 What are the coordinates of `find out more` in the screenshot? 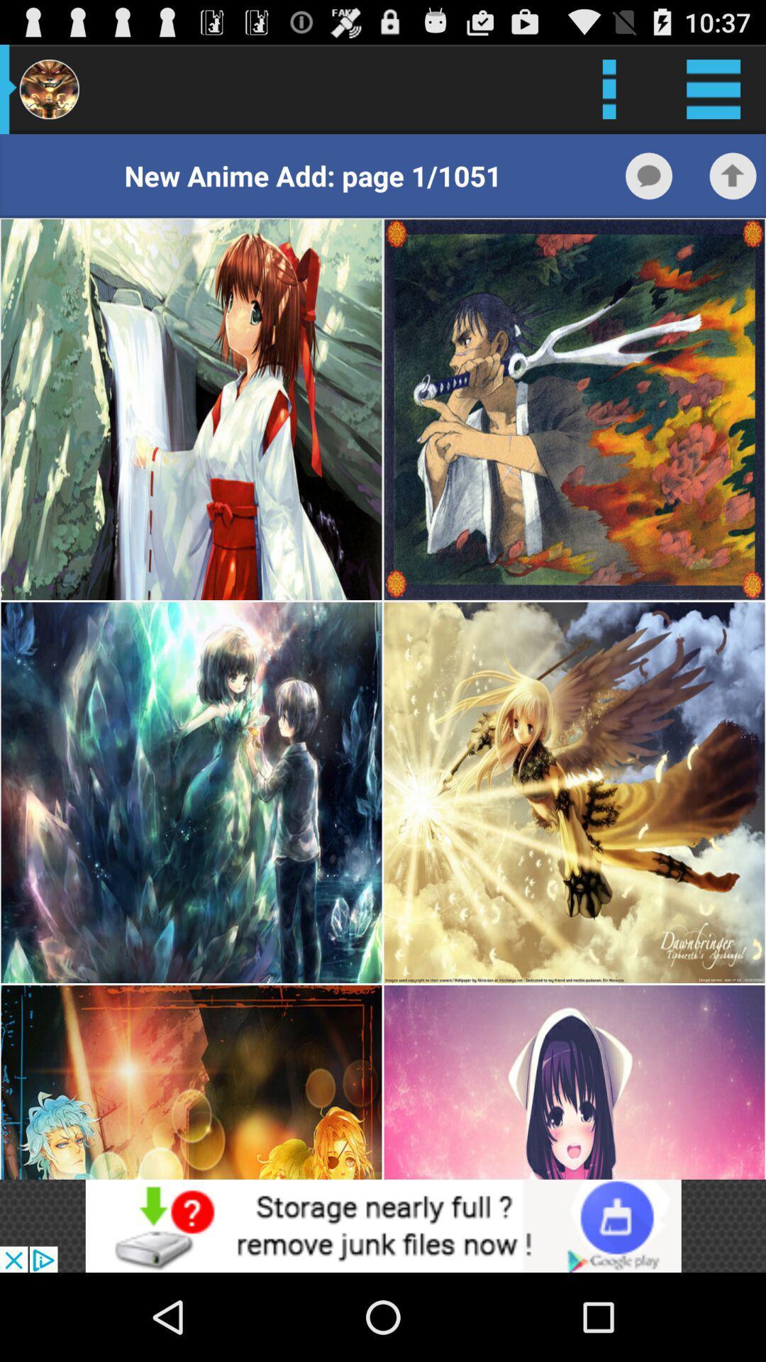 It's located at (383, 1225).